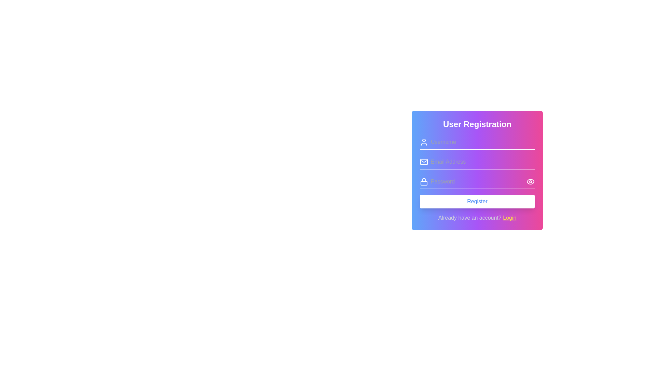 Image resolution: width=656 pixels, height=369 pixels. Describe the element at coordinates (477, 171) in the screenshot. I see `inside the user input fields of the registration form to type the username, email address, and password` at that location.